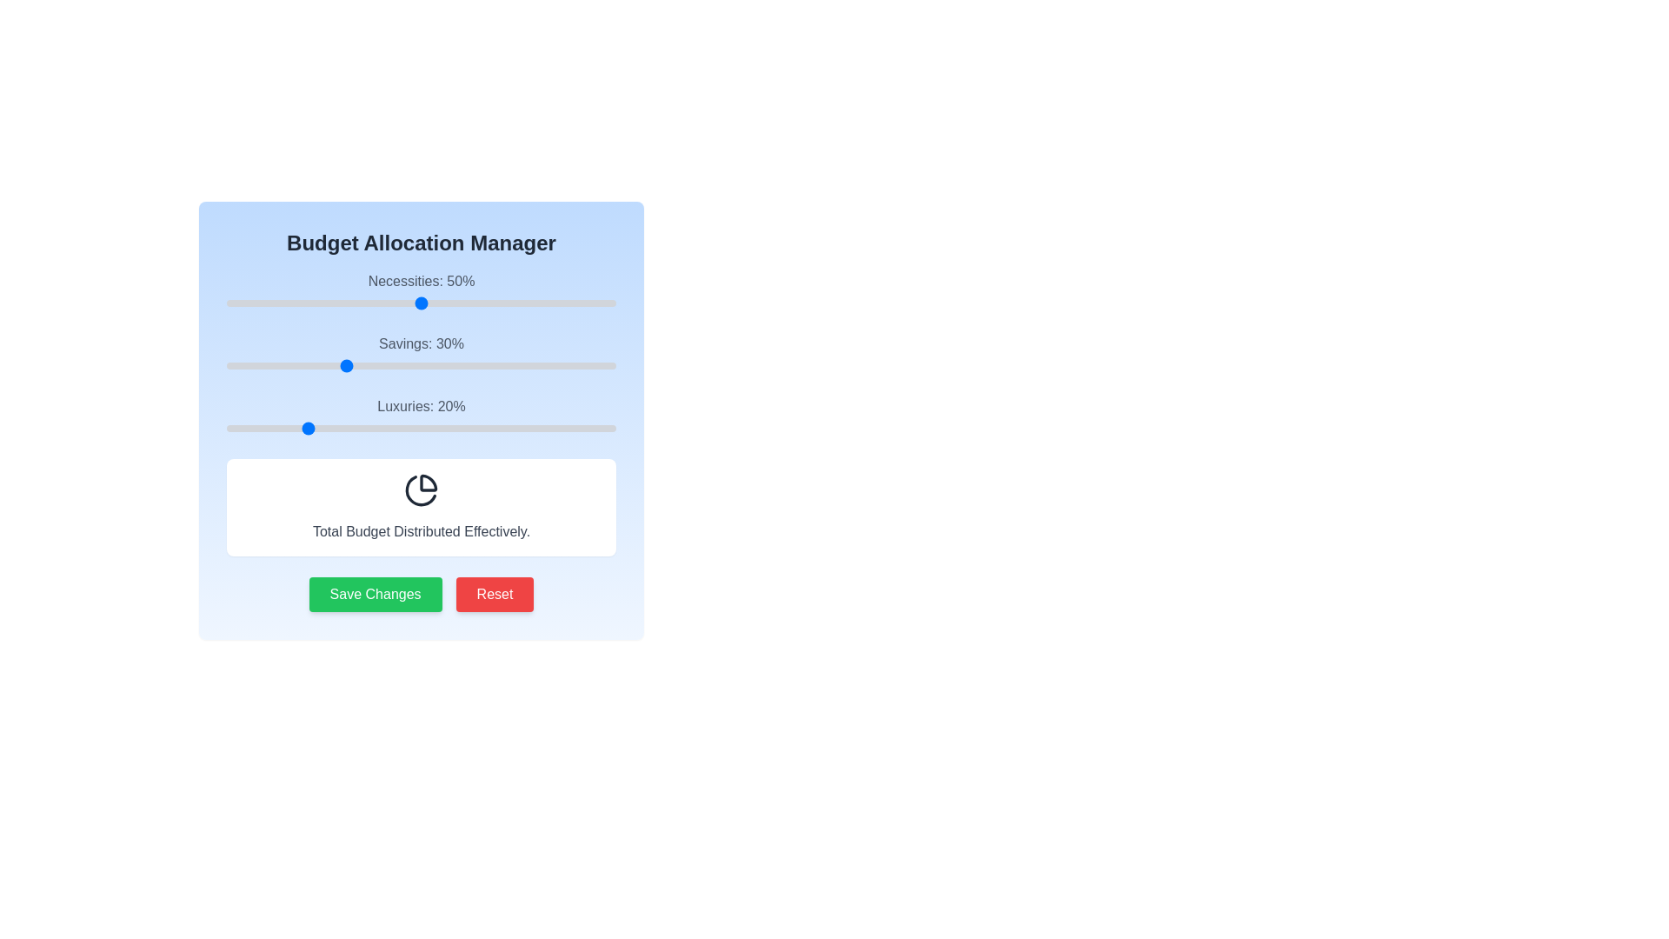 The image size is (1669, 939). I want to click on the 'necessities' slider, so click(480, 302).